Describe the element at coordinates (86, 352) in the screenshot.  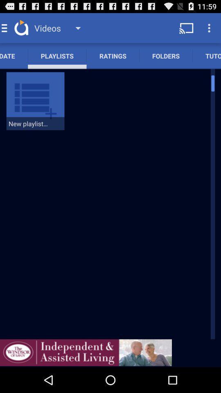
I see `advertisement link to different site` at that location.